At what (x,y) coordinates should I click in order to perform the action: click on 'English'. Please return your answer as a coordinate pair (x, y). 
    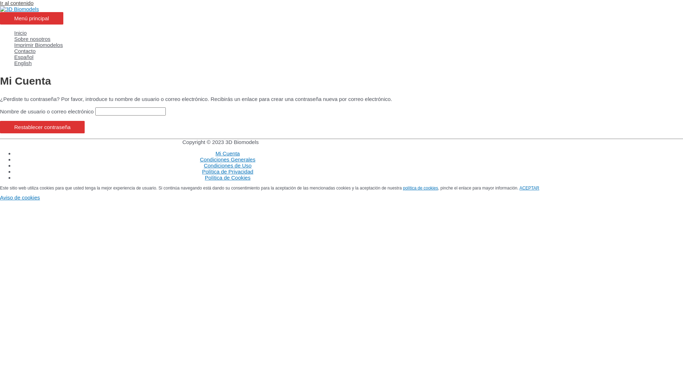
    Looking at the image, I should click on (14, 63).